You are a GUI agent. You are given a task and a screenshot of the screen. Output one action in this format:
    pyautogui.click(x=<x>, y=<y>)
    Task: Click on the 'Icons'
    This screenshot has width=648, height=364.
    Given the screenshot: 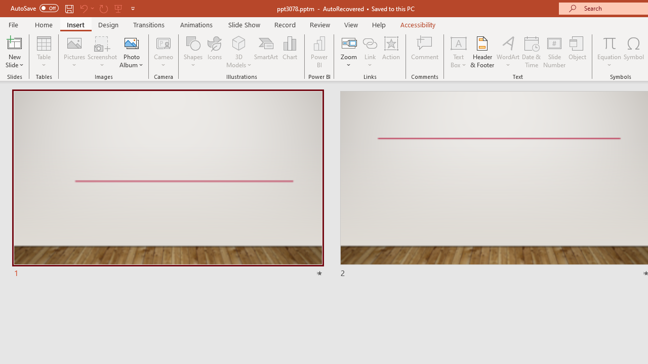 What is the action you would take?
    pyautogui.click(x=214, y=52)
    